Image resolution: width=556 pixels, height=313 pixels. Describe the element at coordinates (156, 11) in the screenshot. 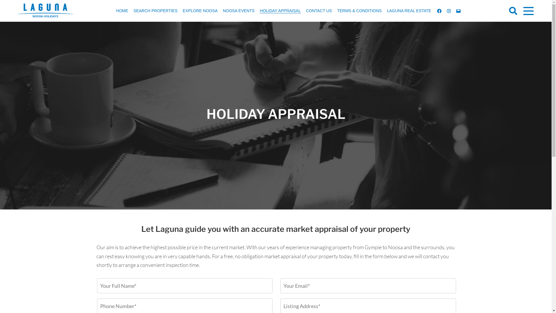

I see `'SEARCH PROPERTIES'` at that location.